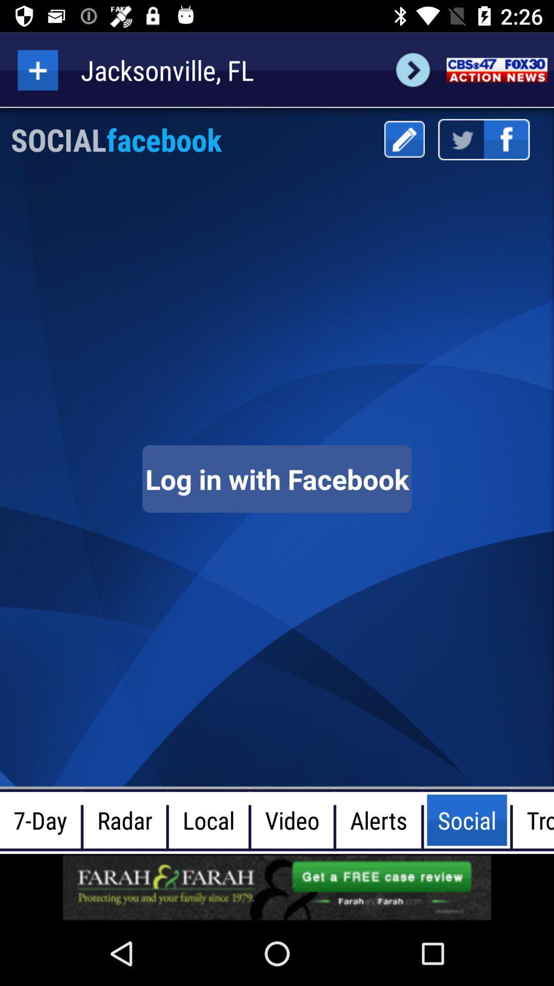 The height and width of the screenshot is (986, 554). What do you see at coordinates (412, 69) in the screenshot?
I see `the arrow_forward icon` at bounding box center [412, 69].